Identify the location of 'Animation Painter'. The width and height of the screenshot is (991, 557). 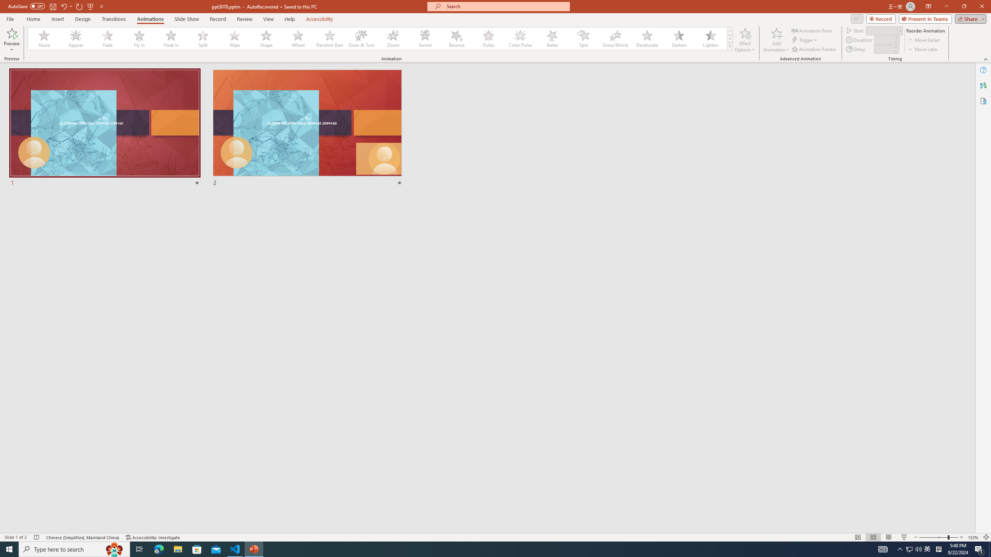
(814, 49).